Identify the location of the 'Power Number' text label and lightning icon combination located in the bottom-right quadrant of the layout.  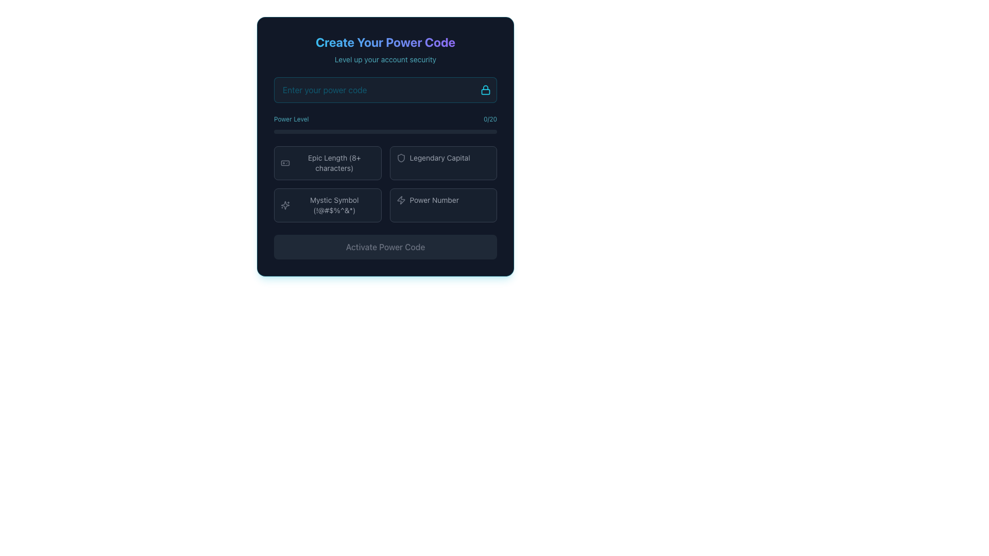
(443, 200).